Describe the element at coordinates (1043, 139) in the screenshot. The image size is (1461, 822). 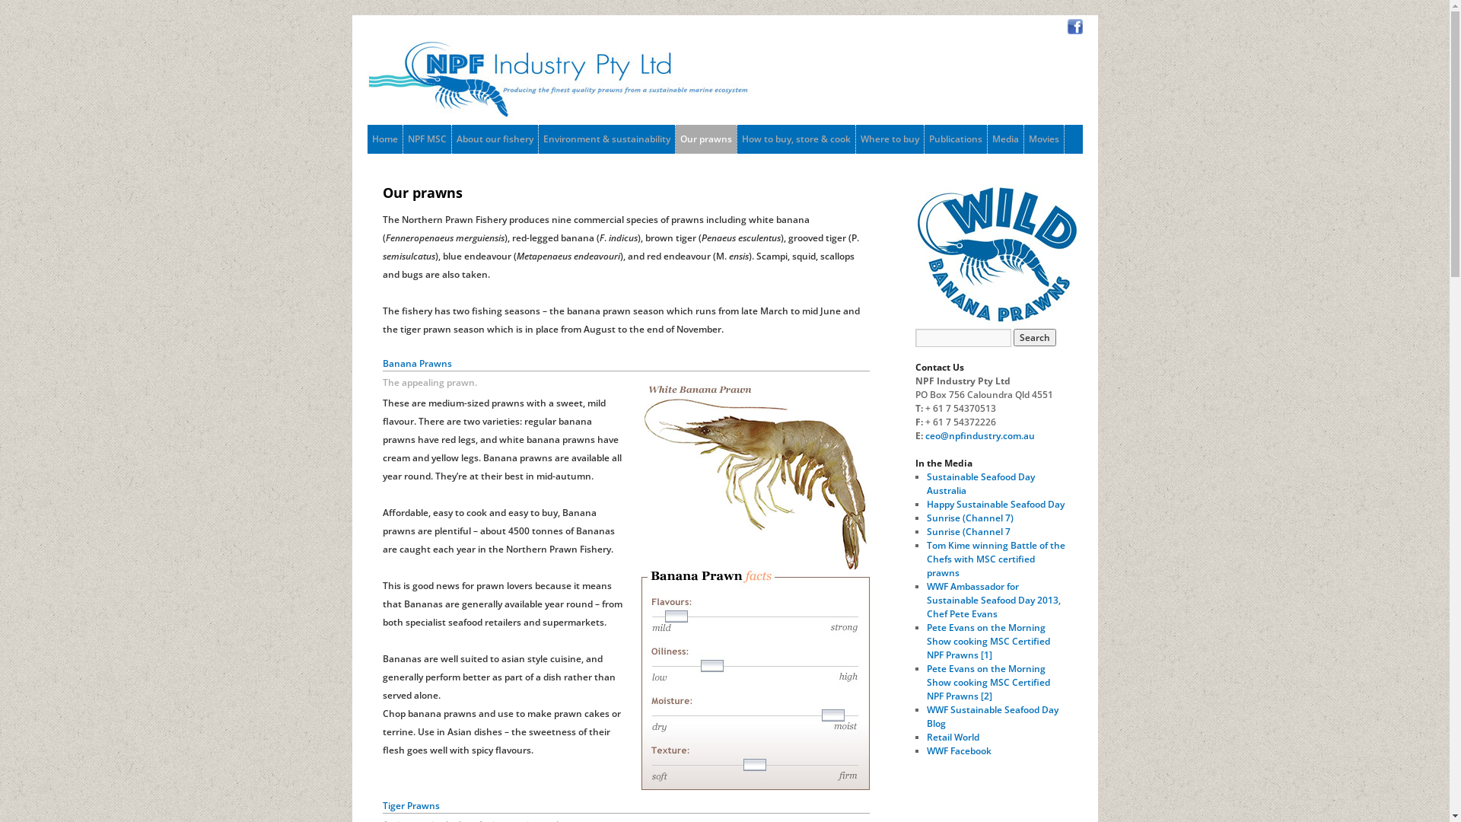
I see `'Movies'` at that location.